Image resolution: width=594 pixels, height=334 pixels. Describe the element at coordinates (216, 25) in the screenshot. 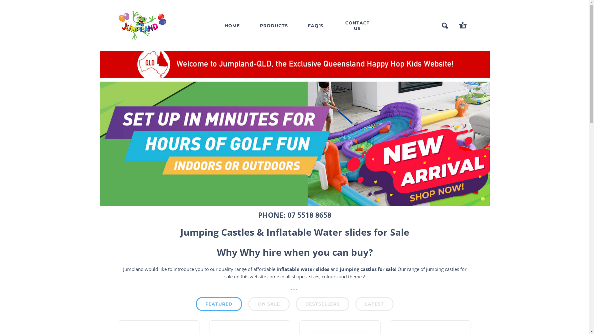

I see `'HOME'` at that location.